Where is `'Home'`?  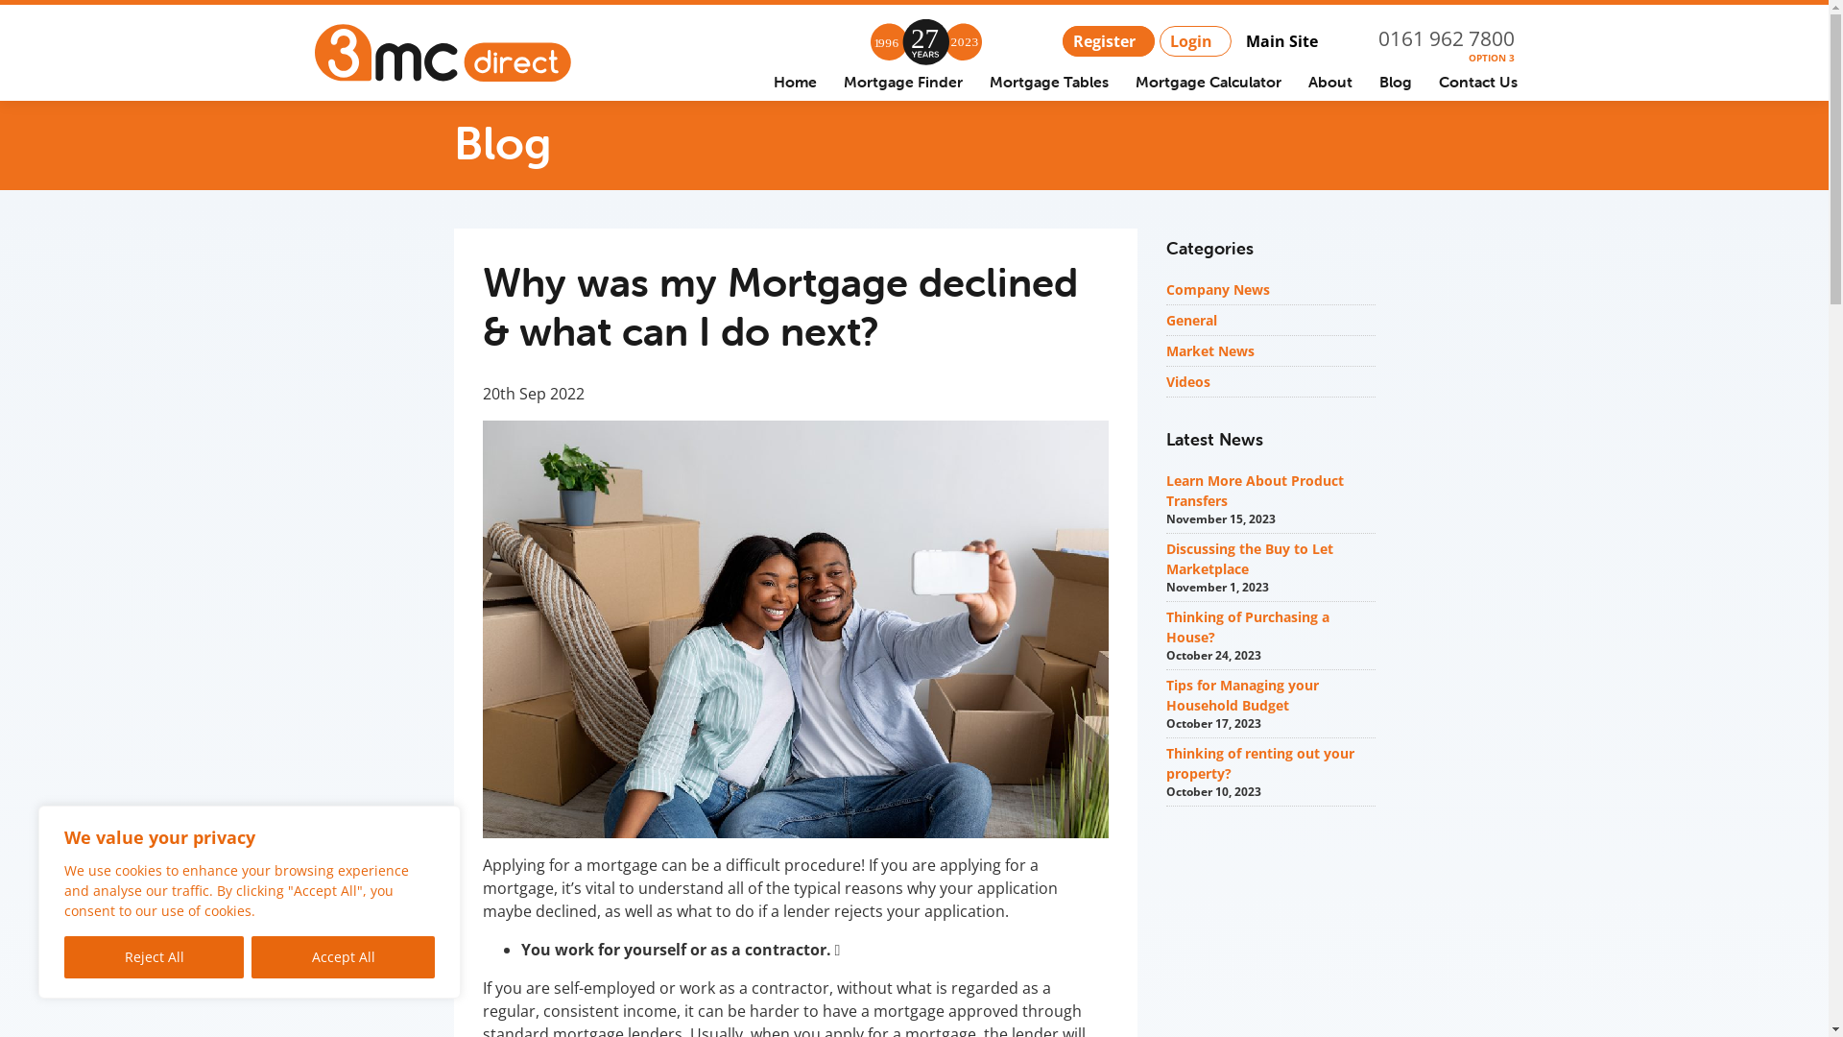 'Home' is located at coordinates (760, 80).